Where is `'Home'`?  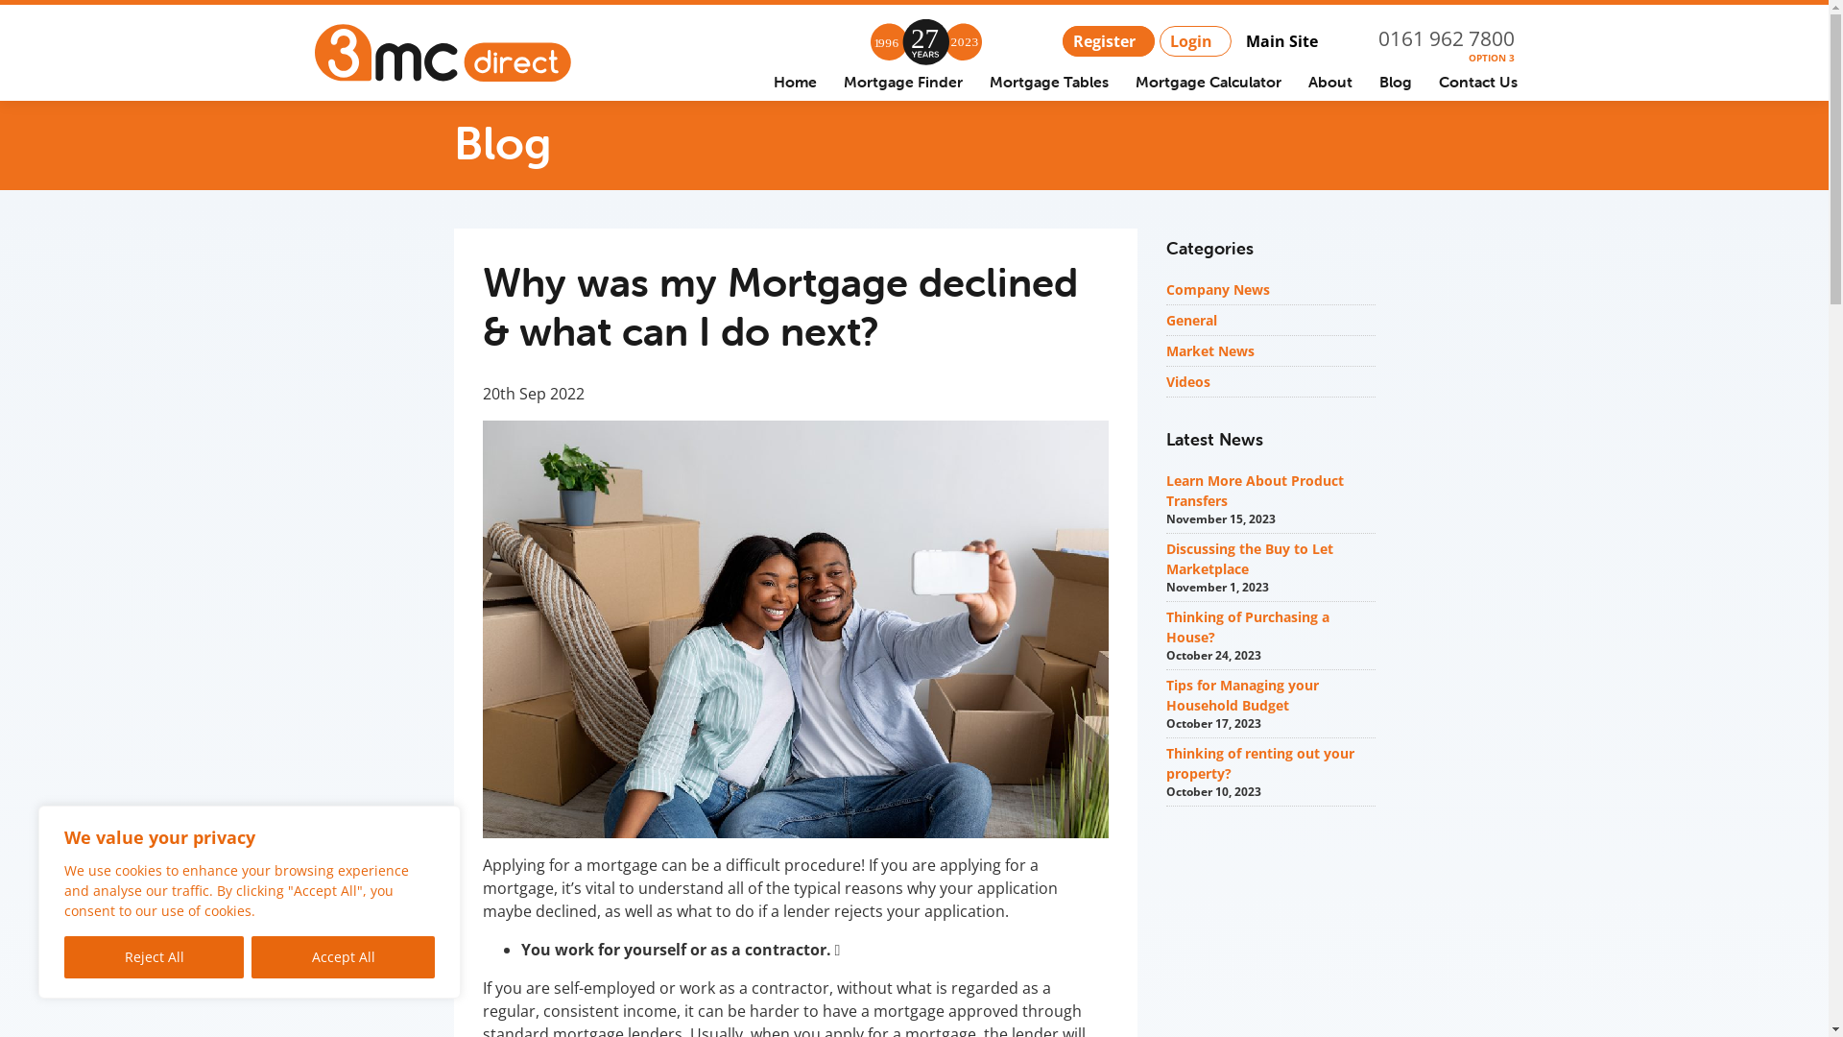 'Home' is located at coordinates (760, 80).